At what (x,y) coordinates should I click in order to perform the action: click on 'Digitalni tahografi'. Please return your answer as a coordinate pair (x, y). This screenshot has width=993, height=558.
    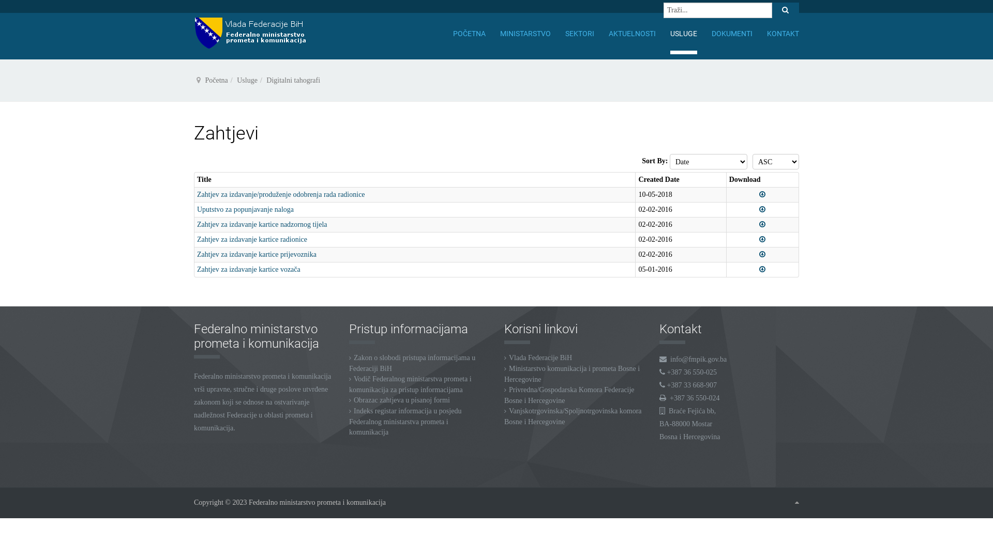
    Looking at the image, I should click on (292, 80).